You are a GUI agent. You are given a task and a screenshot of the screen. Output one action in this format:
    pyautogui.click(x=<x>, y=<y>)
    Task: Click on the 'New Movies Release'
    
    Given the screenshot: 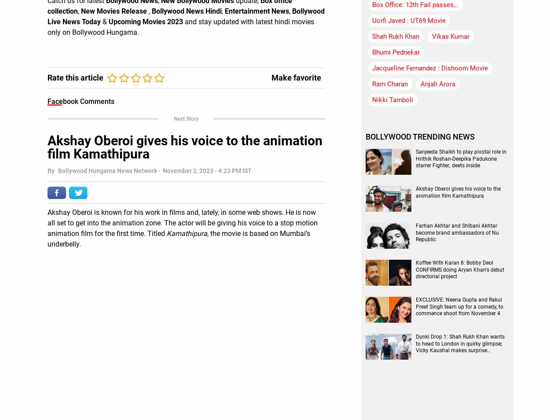 What is the action you would take?
    pyautogui.click(x=115, y=10)
    